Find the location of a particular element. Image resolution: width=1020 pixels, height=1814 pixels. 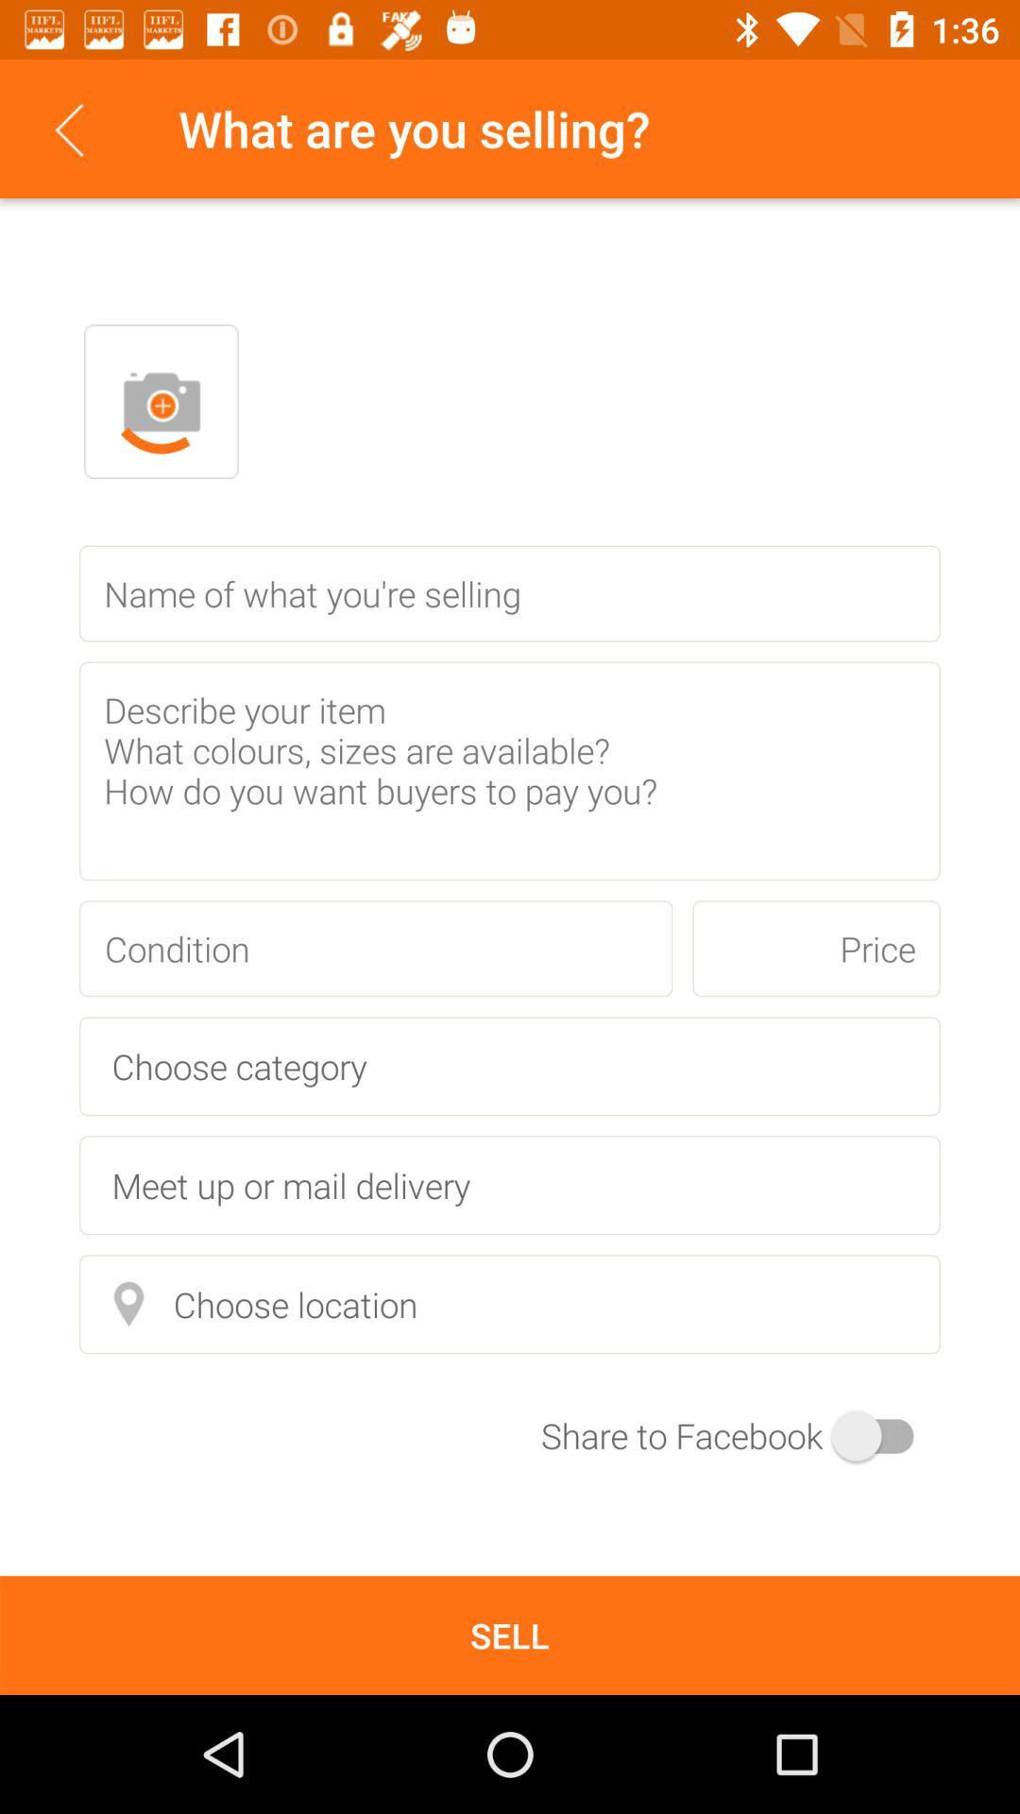

the text field which is below the profile button is located at coordinates (510, 592).